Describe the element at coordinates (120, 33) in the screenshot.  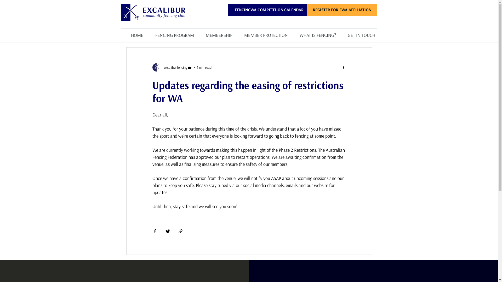
I see `'HOME'` at that location.